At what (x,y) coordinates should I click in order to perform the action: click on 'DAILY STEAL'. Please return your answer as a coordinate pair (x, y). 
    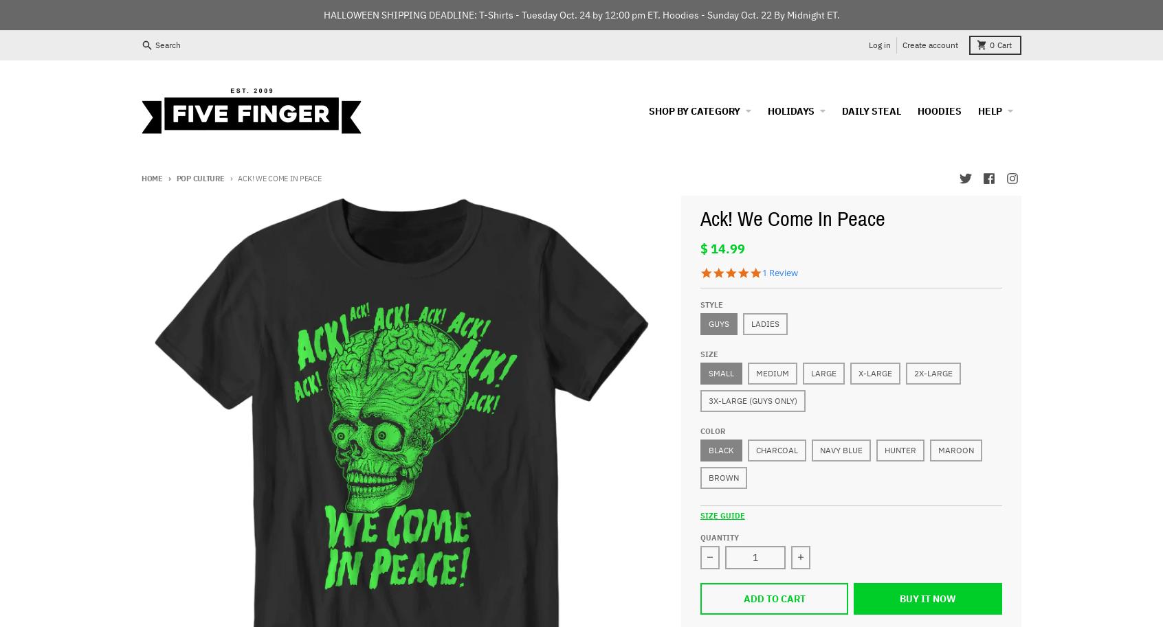
    Looking at the image, I should click on (871, 109).